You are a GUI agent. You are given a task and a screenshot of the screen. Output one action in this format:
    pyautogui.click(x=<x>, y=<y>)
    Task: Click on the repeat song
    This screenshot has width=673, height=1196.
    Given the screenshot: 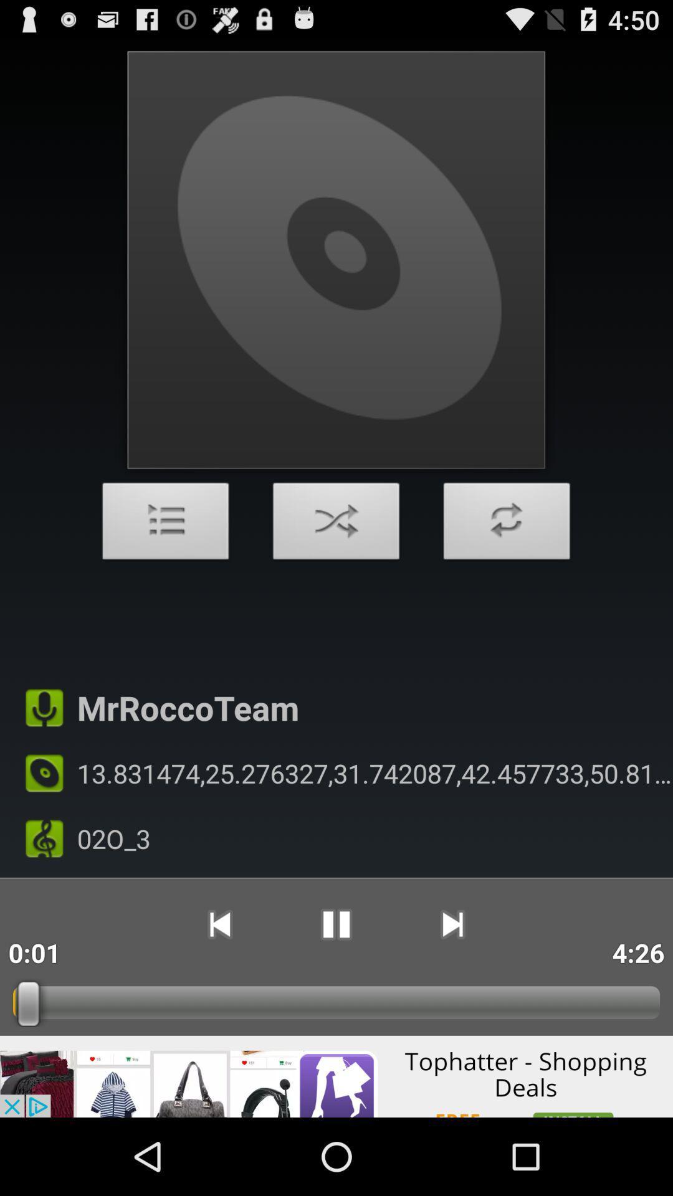 What is the action you would take?
    pyautogui.click(x=507, y=524)
    